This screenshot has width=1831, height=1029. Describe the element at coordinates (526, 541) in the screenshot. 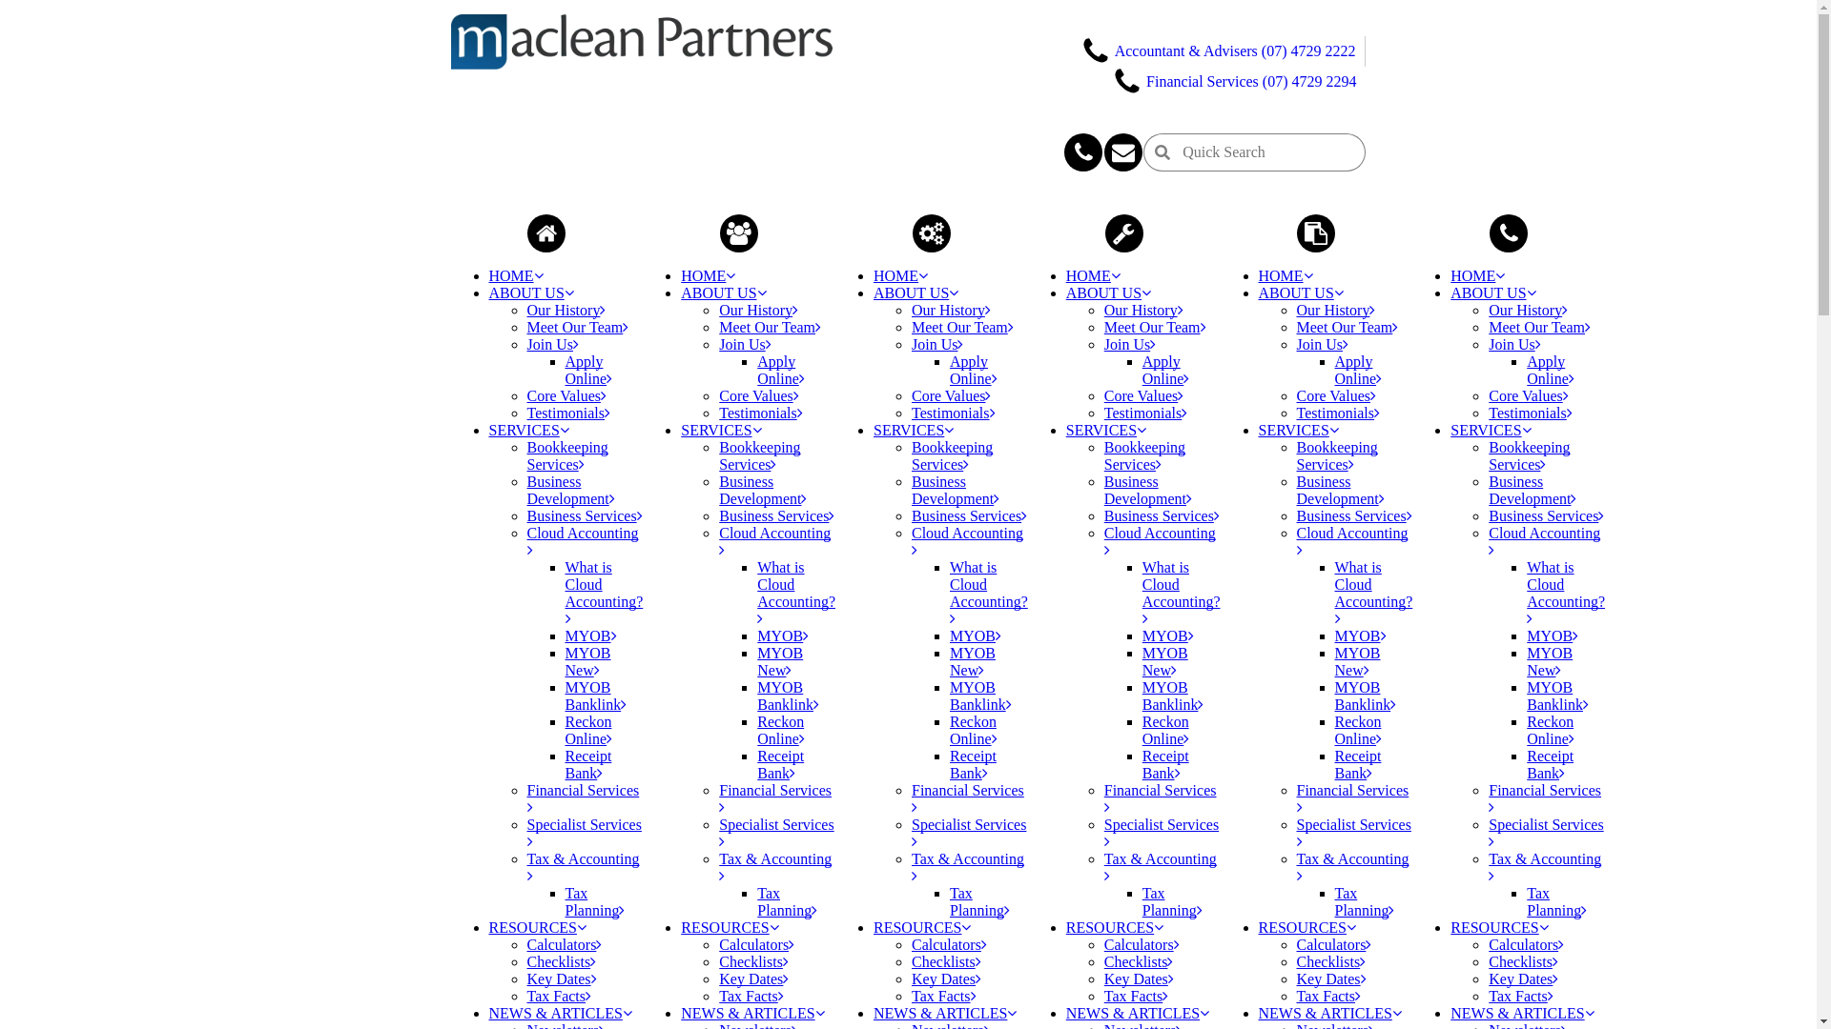

I see `'Cloud Accounting'` at that location.